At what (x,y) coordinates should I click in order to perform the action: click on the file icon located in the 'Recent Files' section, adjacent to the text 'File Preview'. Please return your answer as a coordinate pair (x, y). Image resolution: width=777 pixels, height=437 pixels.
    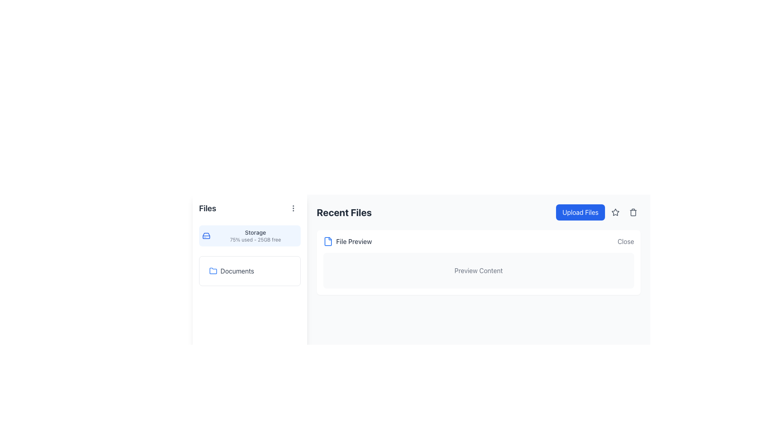
    Looking at the image, I should click on (328, 241).